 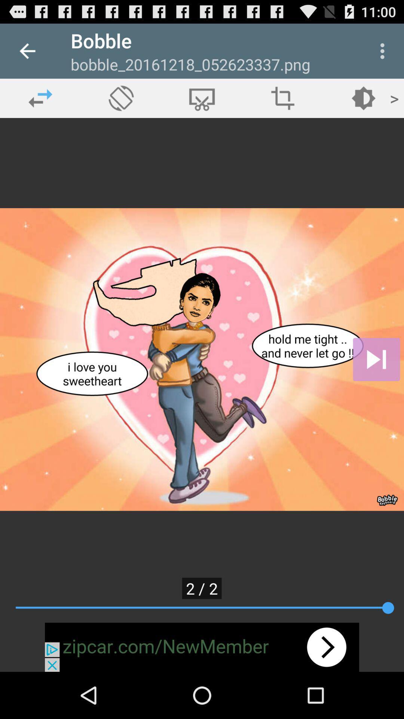 What do you see at coordinates (121, 98) in the screenshot?
I see `the auto rotate option on the page` at bounding box center [121, 98].